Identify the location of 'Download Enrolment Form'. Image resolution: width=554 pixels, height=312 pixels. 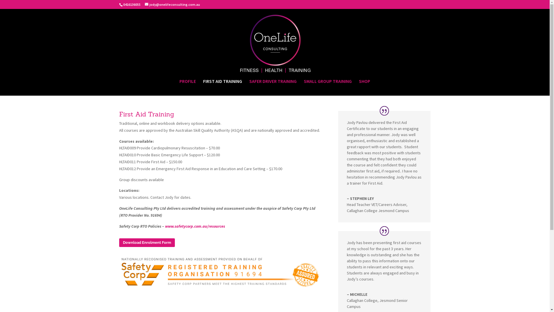
(147, 243).